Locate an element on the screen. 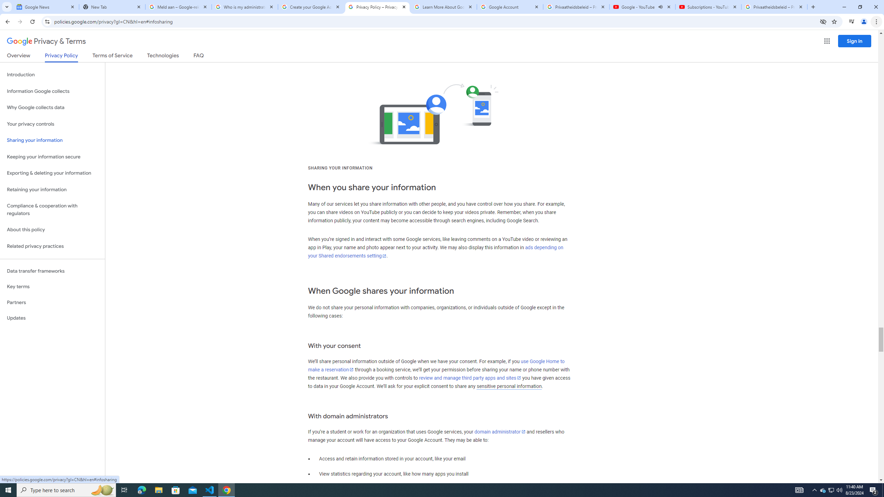 The image size is (884, 497). 'Keeping your information secure' is located at coordinates (52, 157).